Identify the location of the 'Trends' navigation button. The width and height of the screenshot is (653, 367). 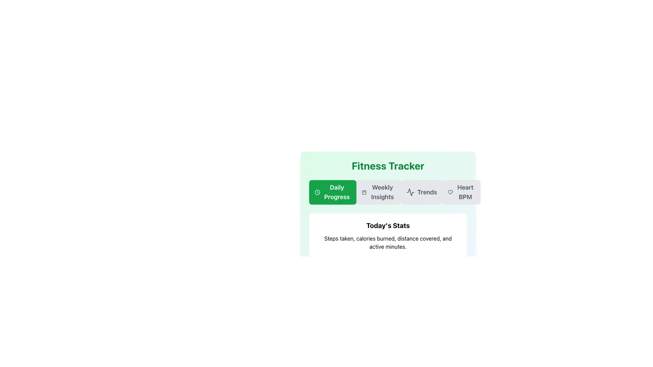
(421, 192).